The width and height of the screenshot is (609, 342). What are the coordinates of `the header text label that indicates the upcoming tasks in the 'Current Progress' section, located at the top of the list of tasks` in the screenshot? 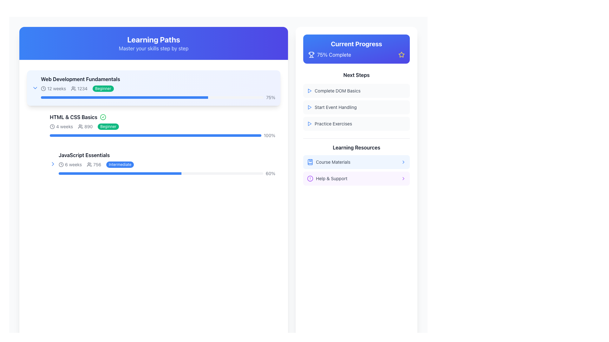 It's located at (356, 74).